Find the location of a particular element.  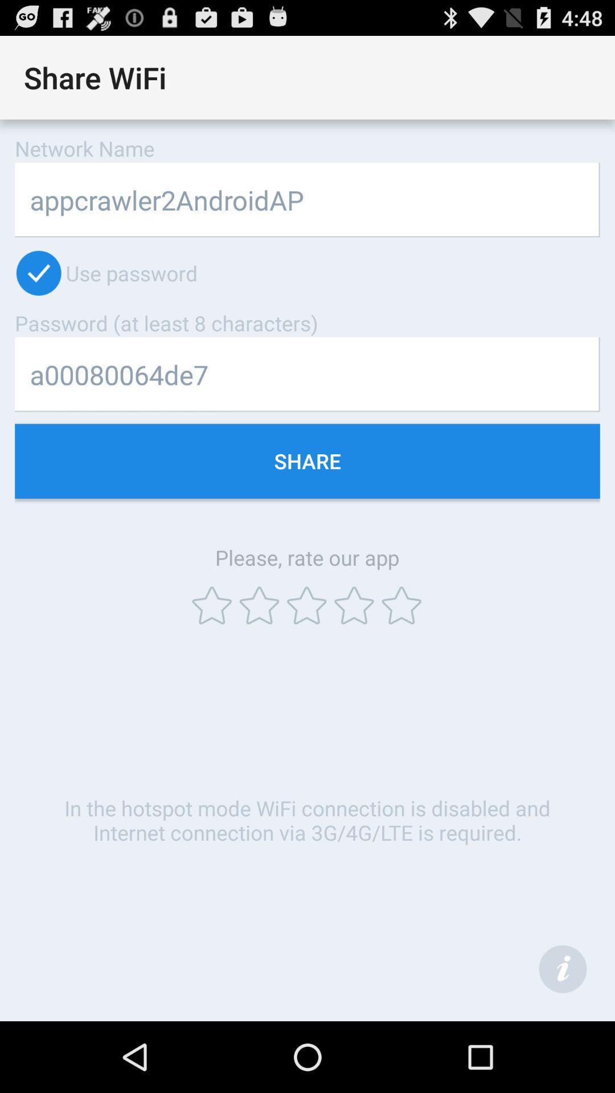

the item below share is located at coordinates (562, 968).